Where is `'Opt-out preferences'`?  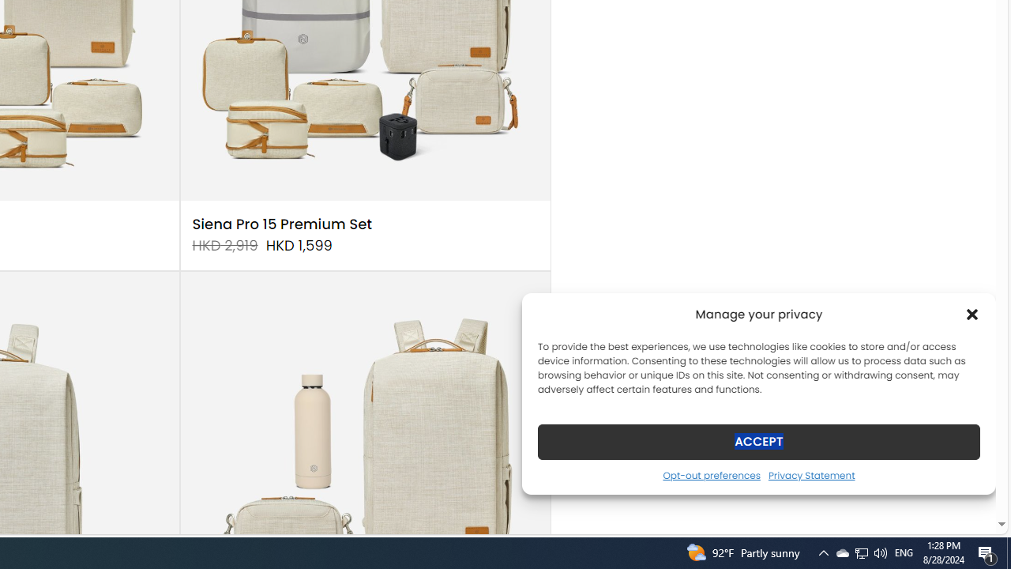 'Opt-out preferences' is located at coordinates (710, 474).